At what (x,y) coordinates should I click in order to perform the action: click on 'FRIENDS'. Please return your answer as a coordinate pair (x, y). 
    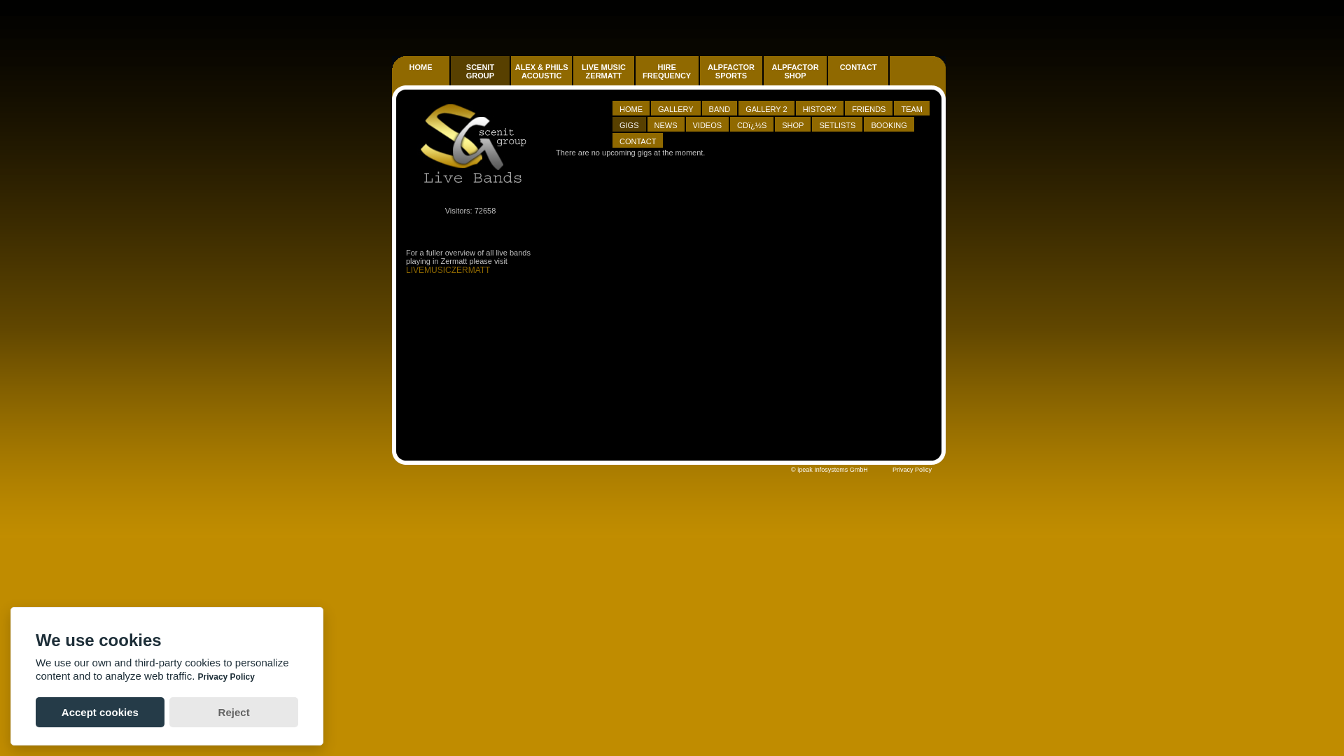
    Looking at the image, I should click on (868, 108).